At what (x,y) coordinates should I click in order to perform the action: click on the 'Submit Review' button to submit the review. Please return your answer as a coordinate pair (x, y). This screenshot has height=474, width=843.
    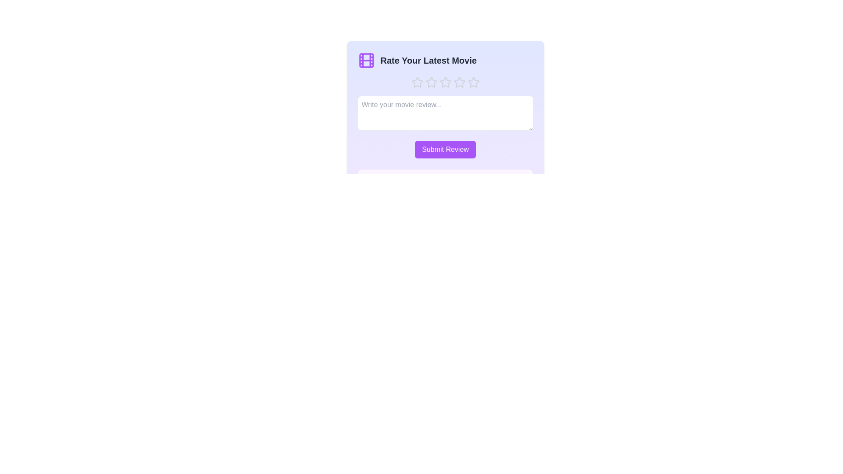
    Looking at the image, I should click on (445, 149).